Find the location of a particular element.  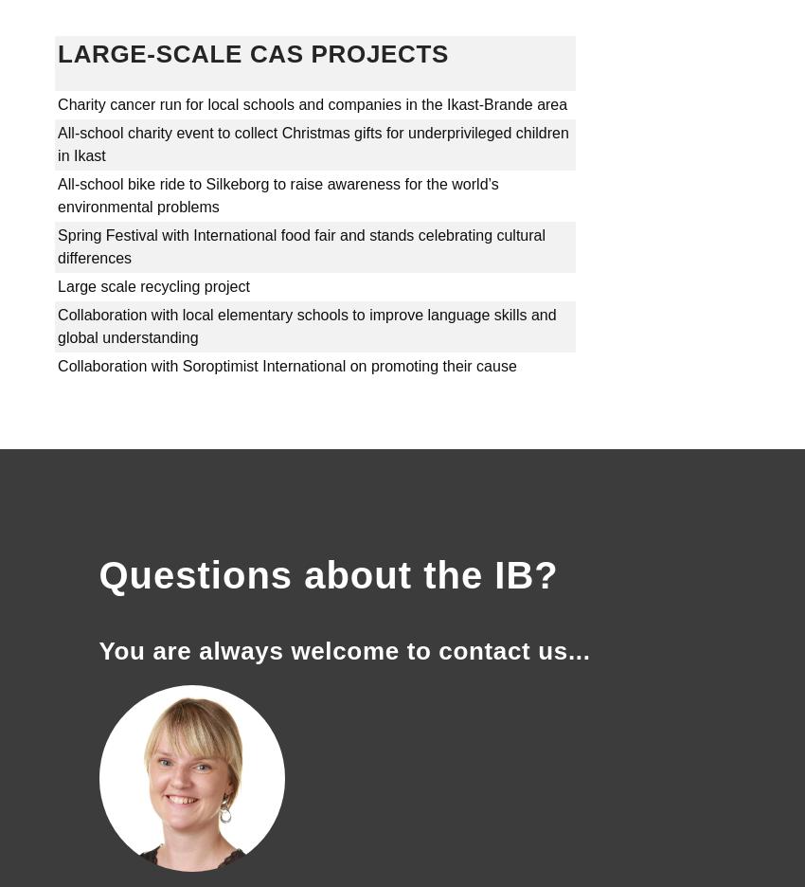

'Collaboration with Soroptimist International on promoting their cause' is located at coordinates (287, 366).